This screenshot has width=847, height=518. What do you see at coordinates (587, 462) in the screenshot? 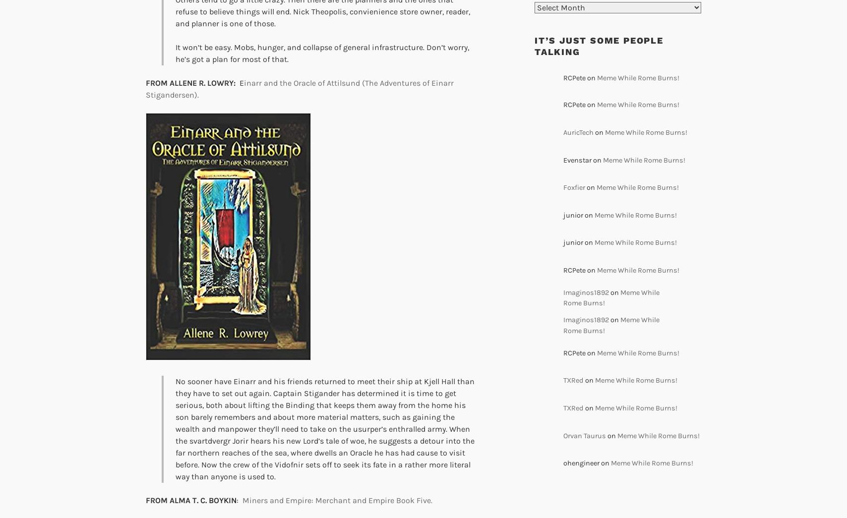
I see `'ohengineer on'` at bounding box center [587, 462].